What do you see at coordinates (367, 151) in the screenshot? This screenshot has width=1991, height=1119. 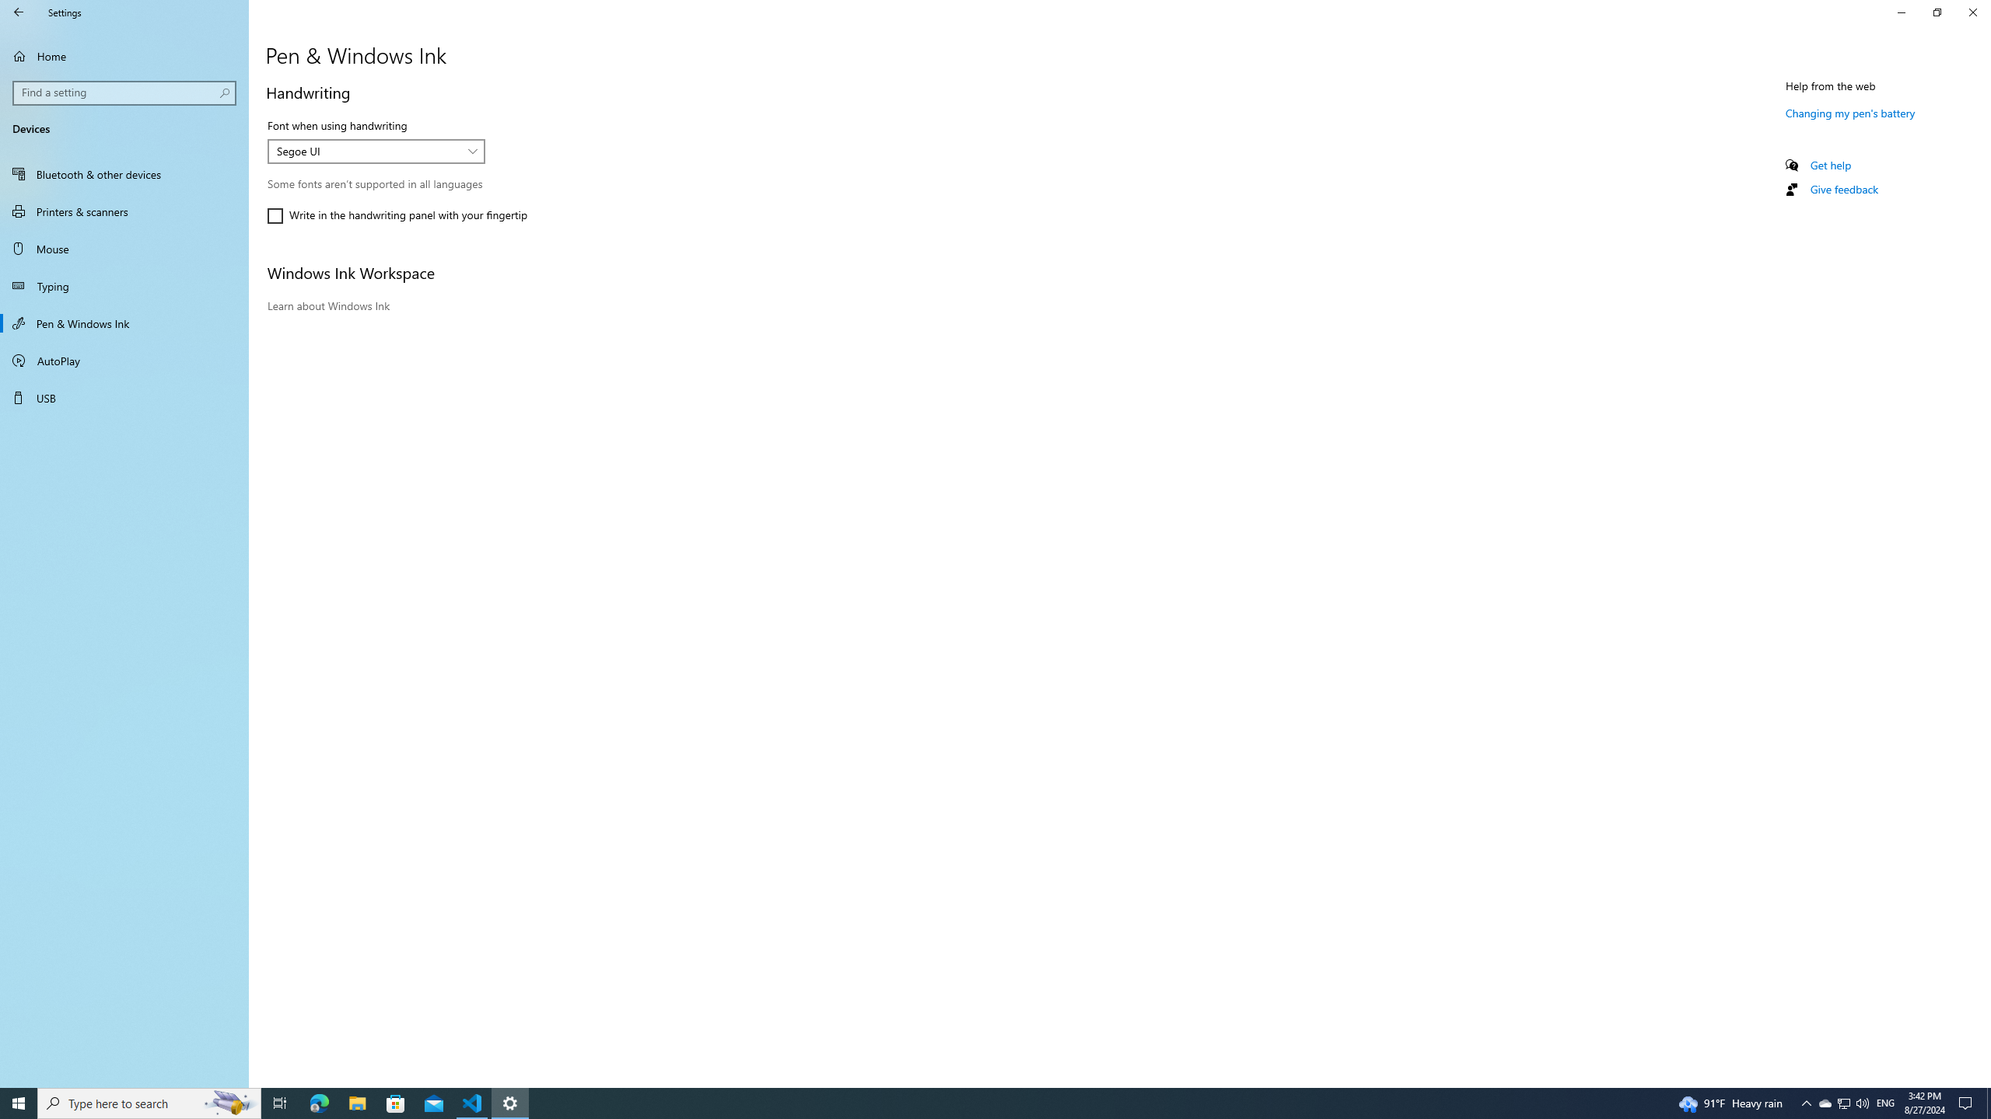 I see `'Segoe UI'` at bounding box center [367, 151].